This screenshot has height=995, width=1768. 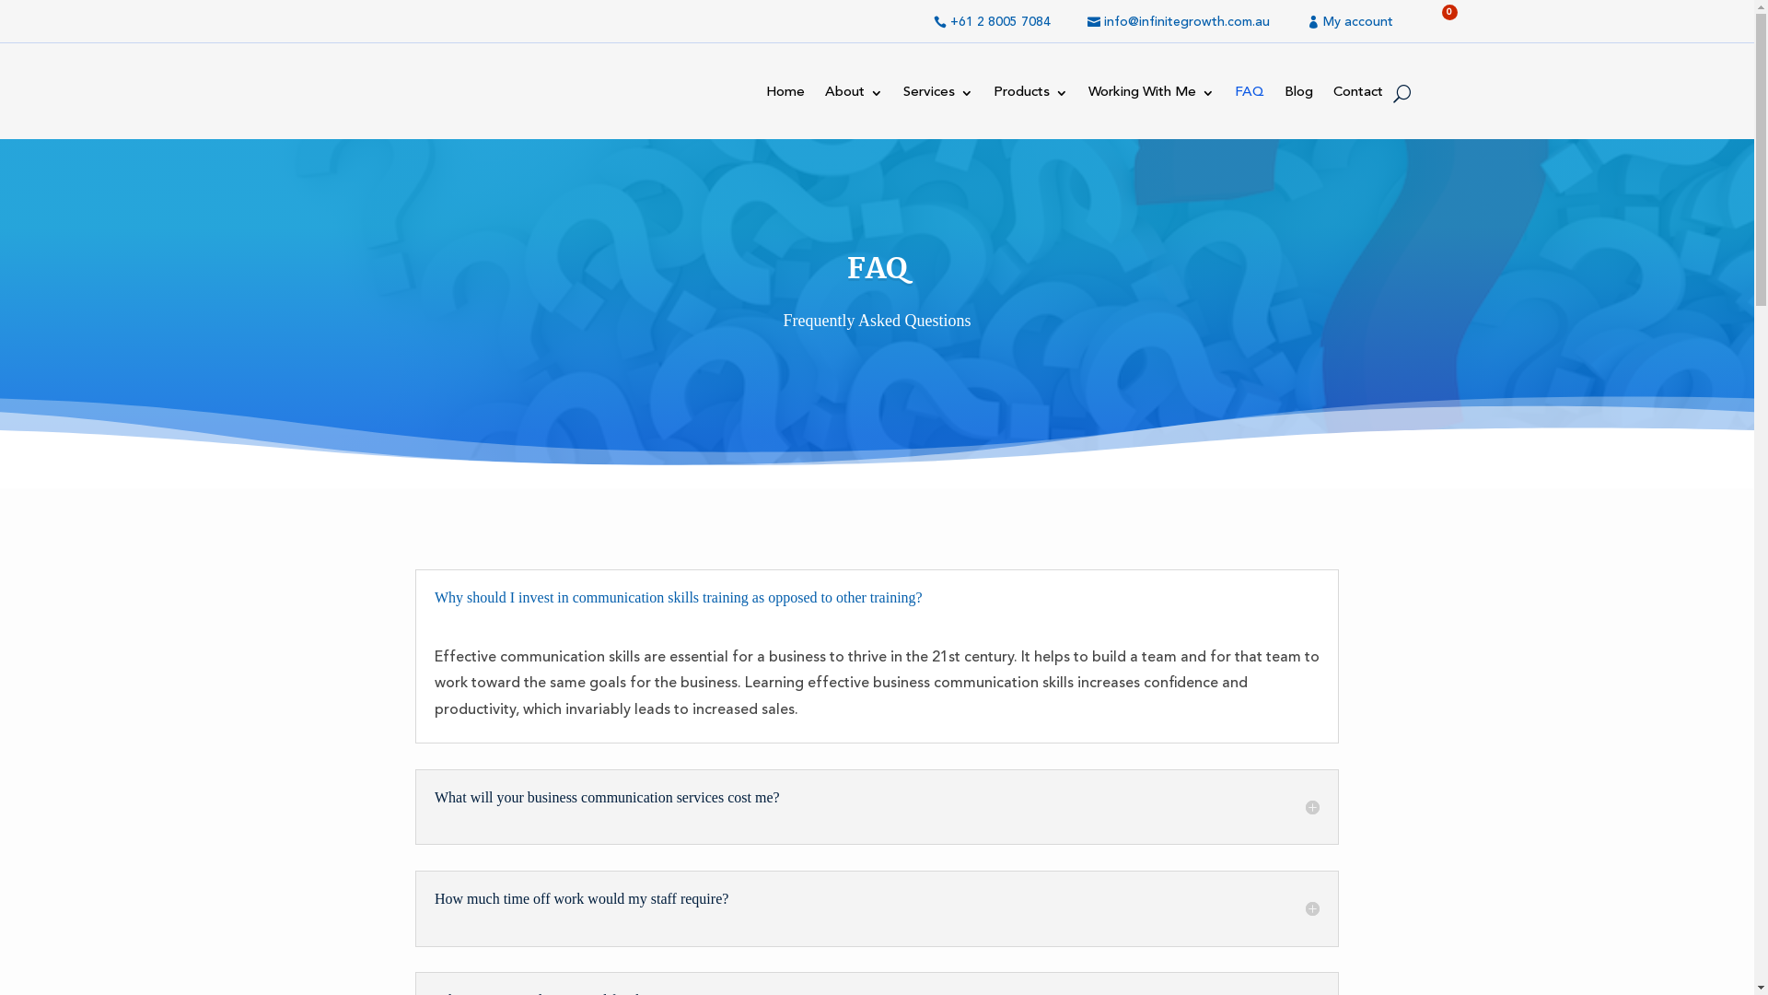 I want to click on 'Products', so click(x=1029, y=96).